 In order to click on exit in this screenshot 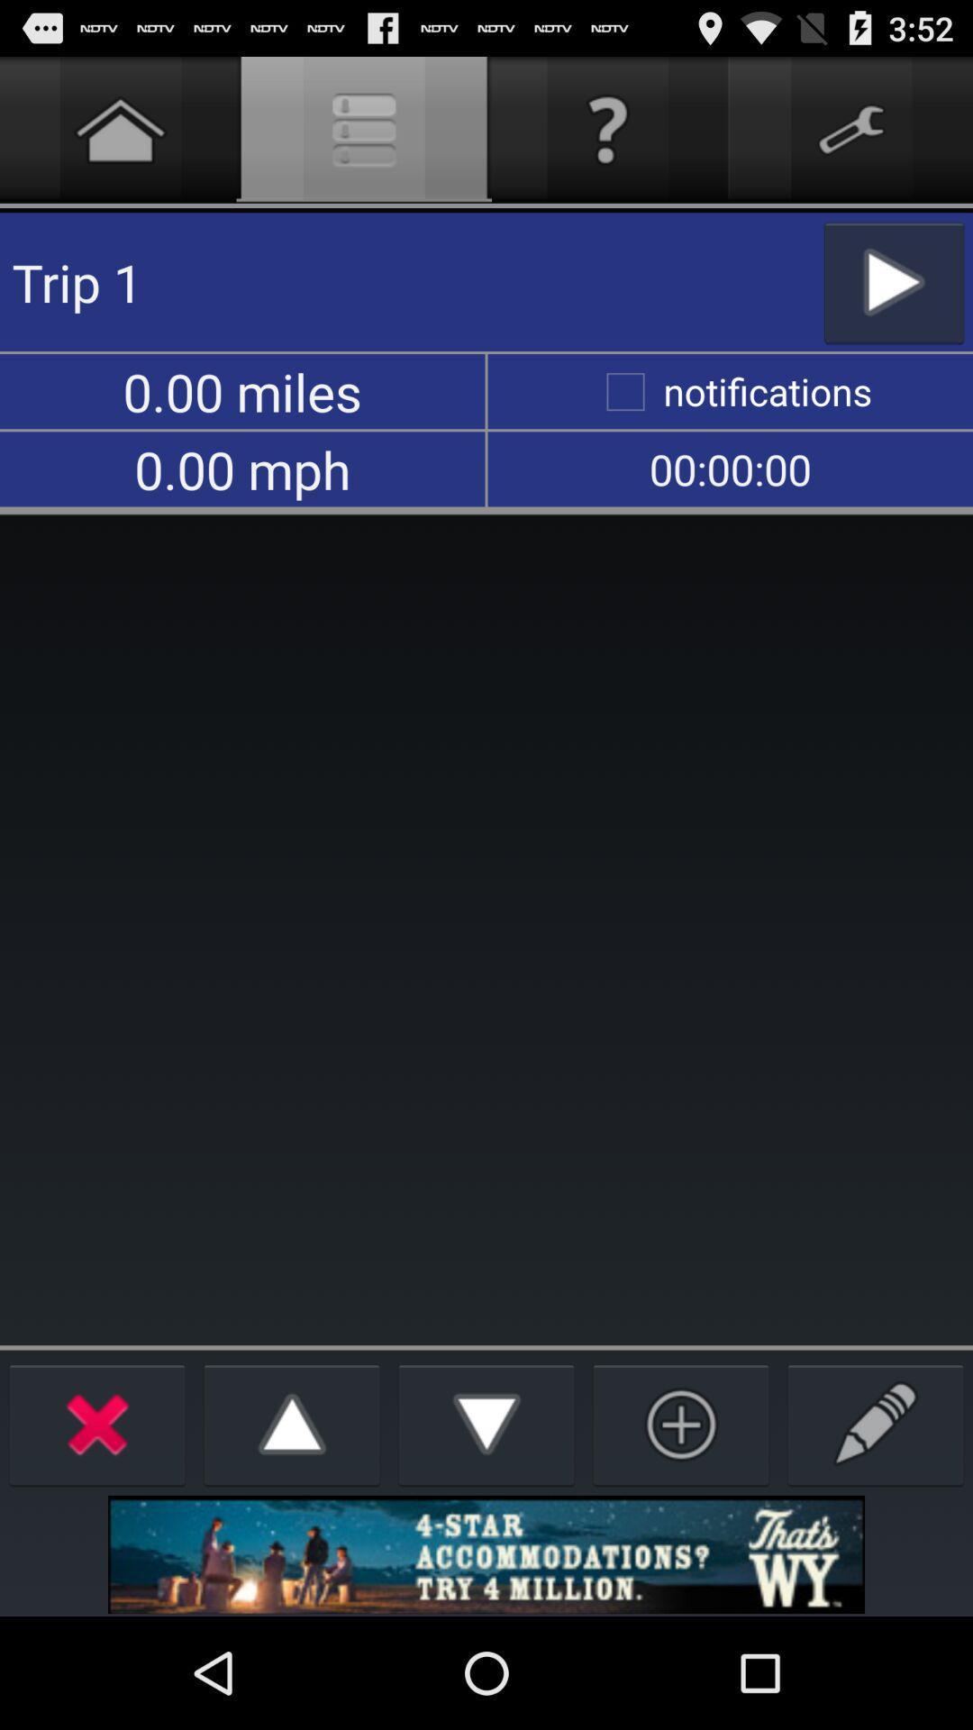, I will do `click(97, 1423)`.